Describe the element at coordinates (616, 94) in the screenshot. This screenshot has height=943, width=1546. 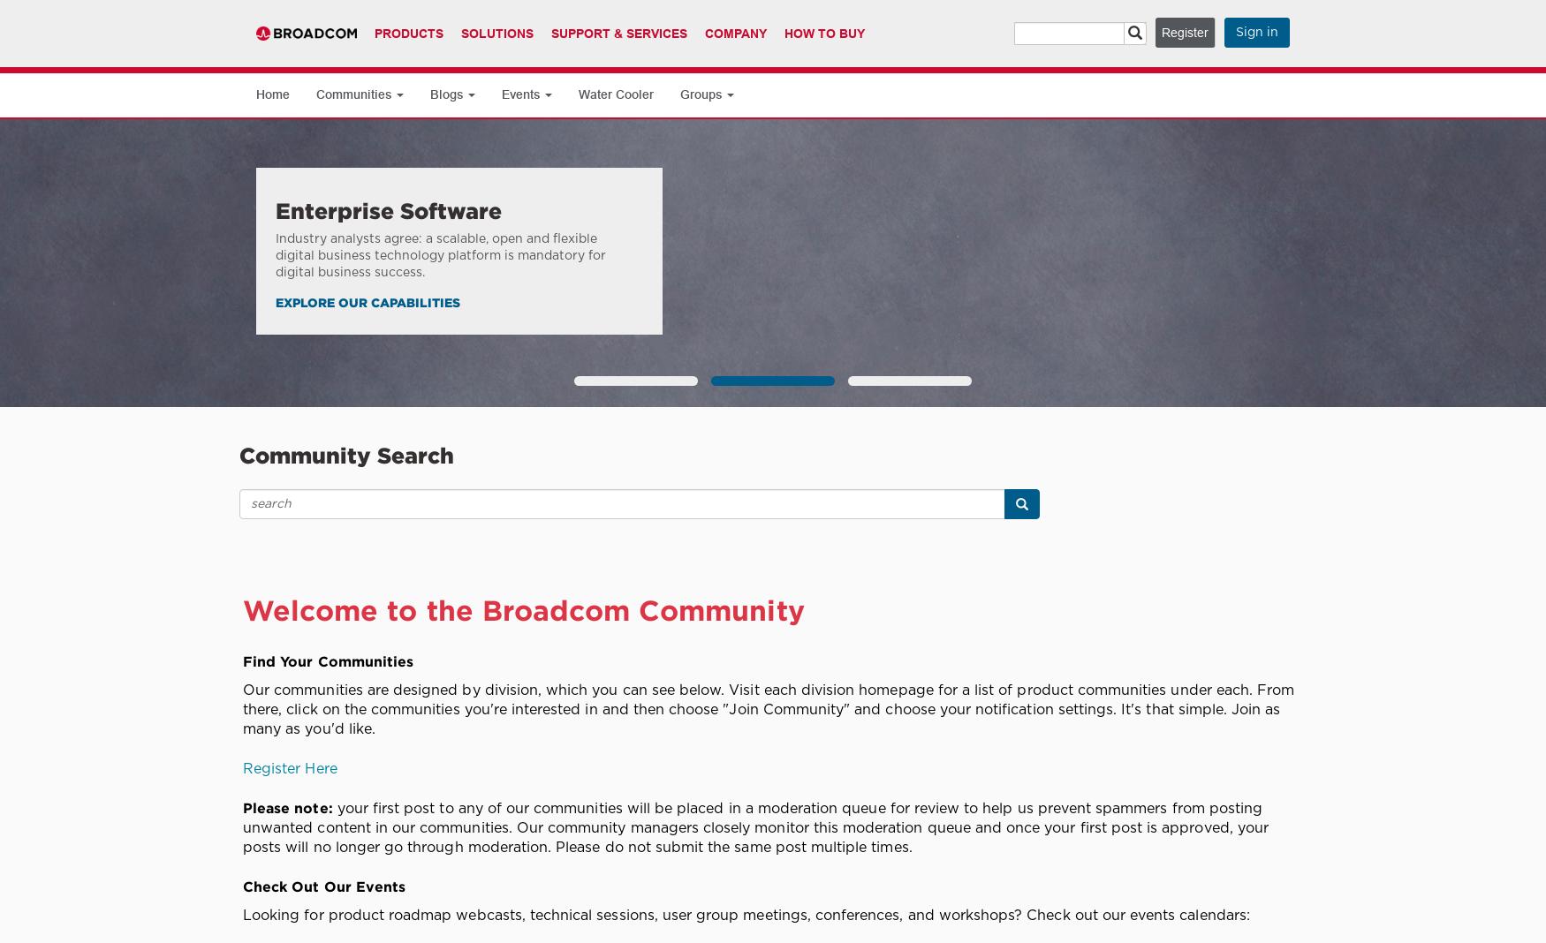
I see `'Water Cooler'` at that location.